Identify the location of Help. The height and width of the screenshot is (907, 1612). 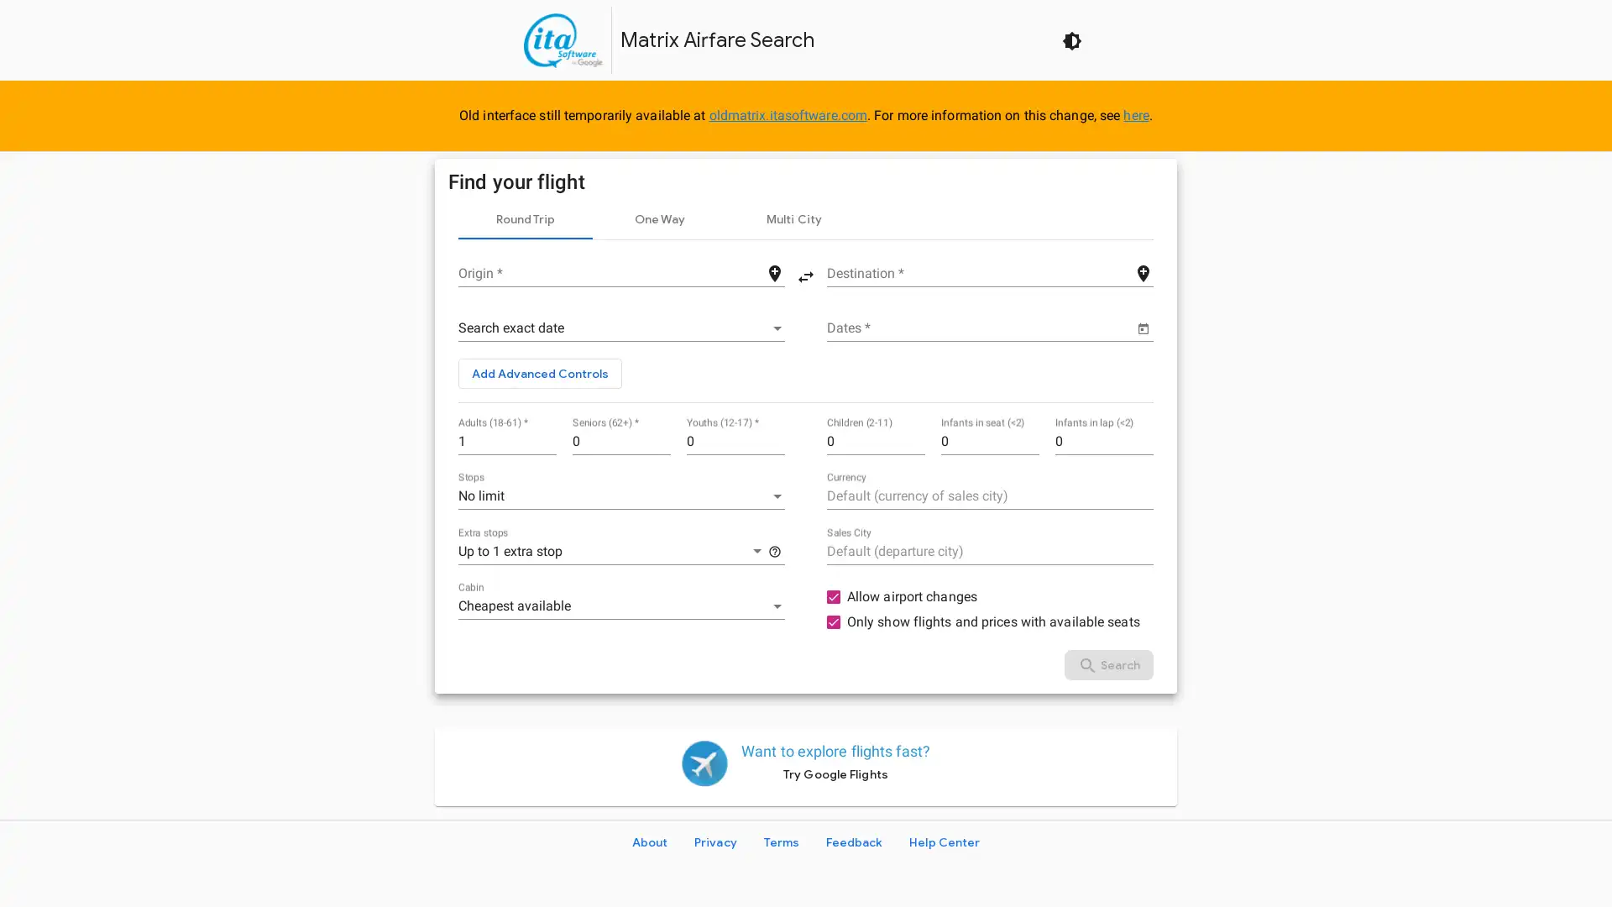
(773, 550).